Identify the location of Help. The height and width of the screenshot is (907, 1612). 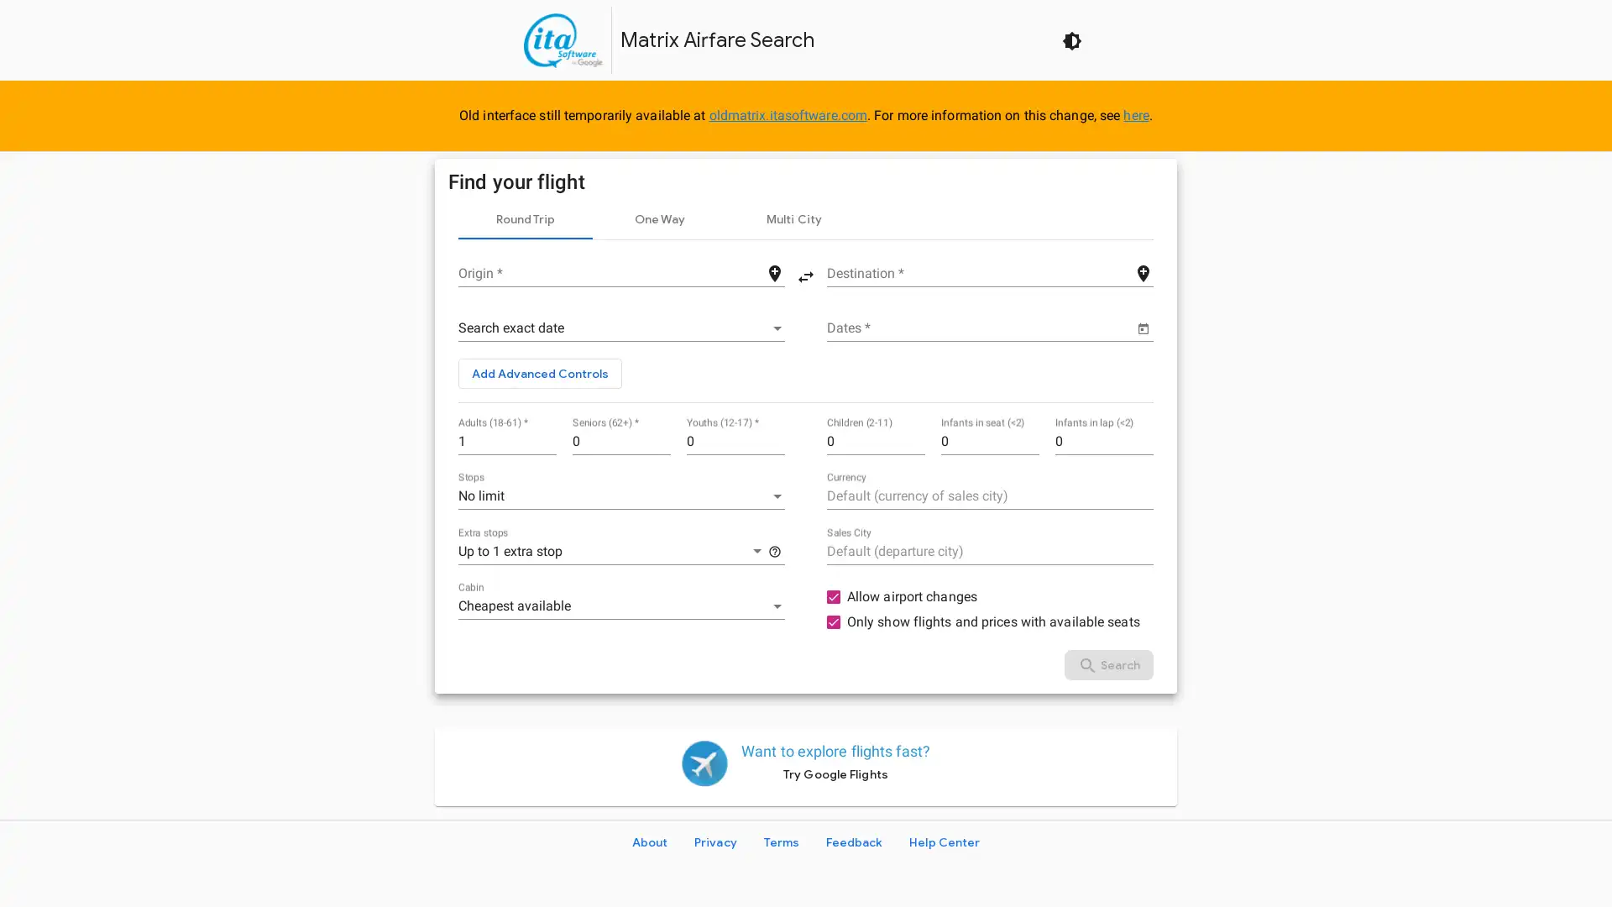
(773, 550).